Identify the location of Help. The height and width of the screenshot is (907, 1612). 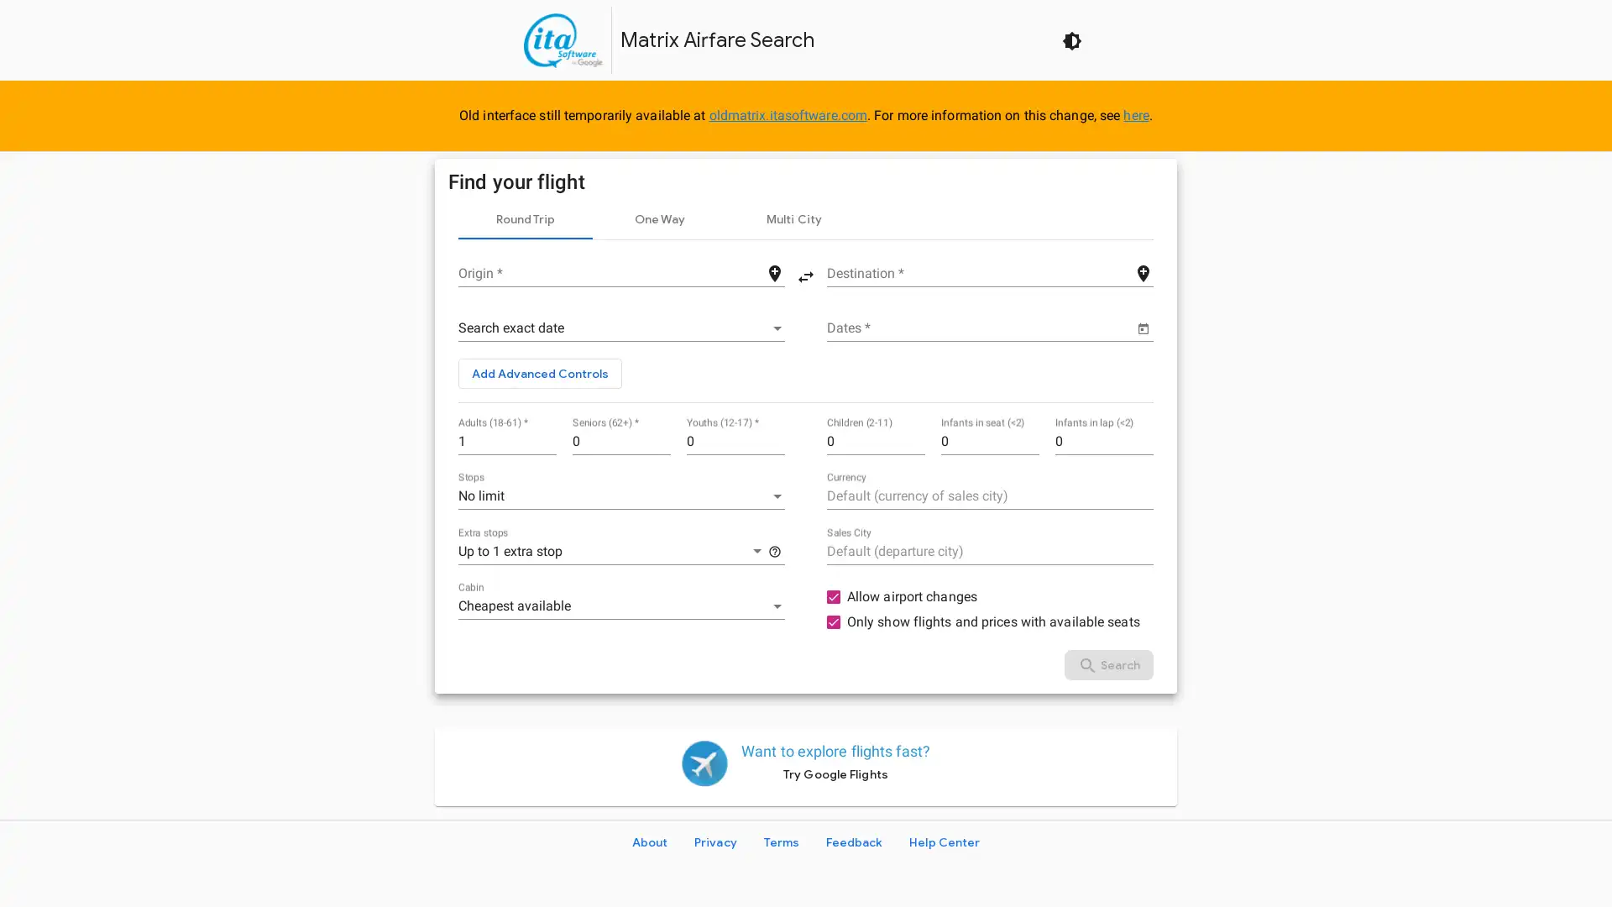
(773, 550).